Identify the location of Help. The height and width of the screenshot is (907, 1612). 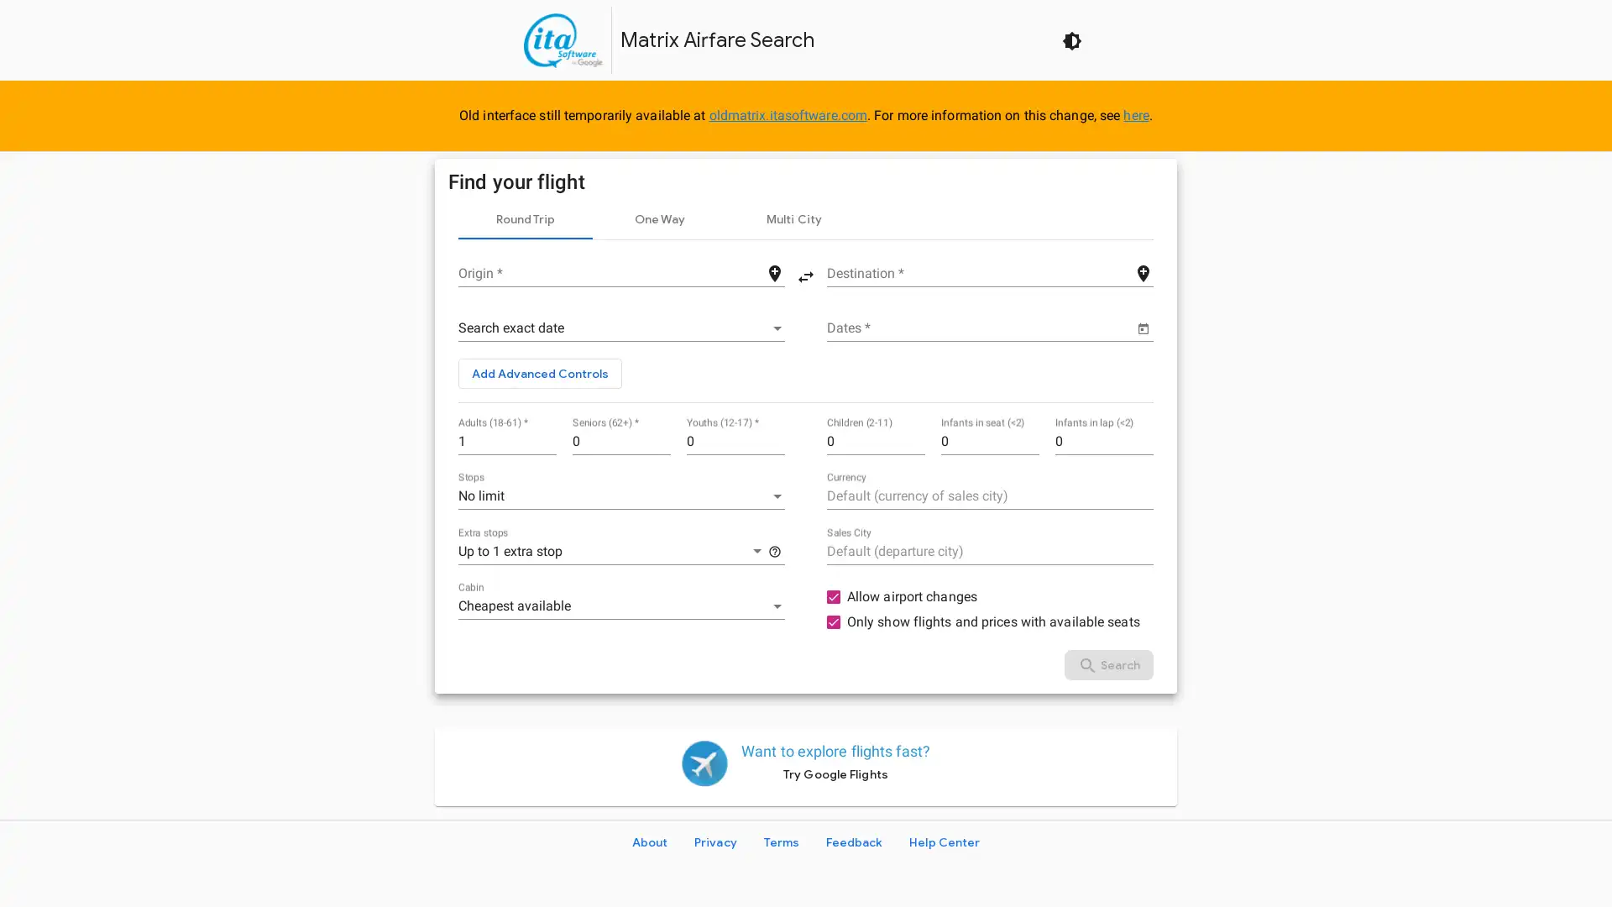
(773, 550).